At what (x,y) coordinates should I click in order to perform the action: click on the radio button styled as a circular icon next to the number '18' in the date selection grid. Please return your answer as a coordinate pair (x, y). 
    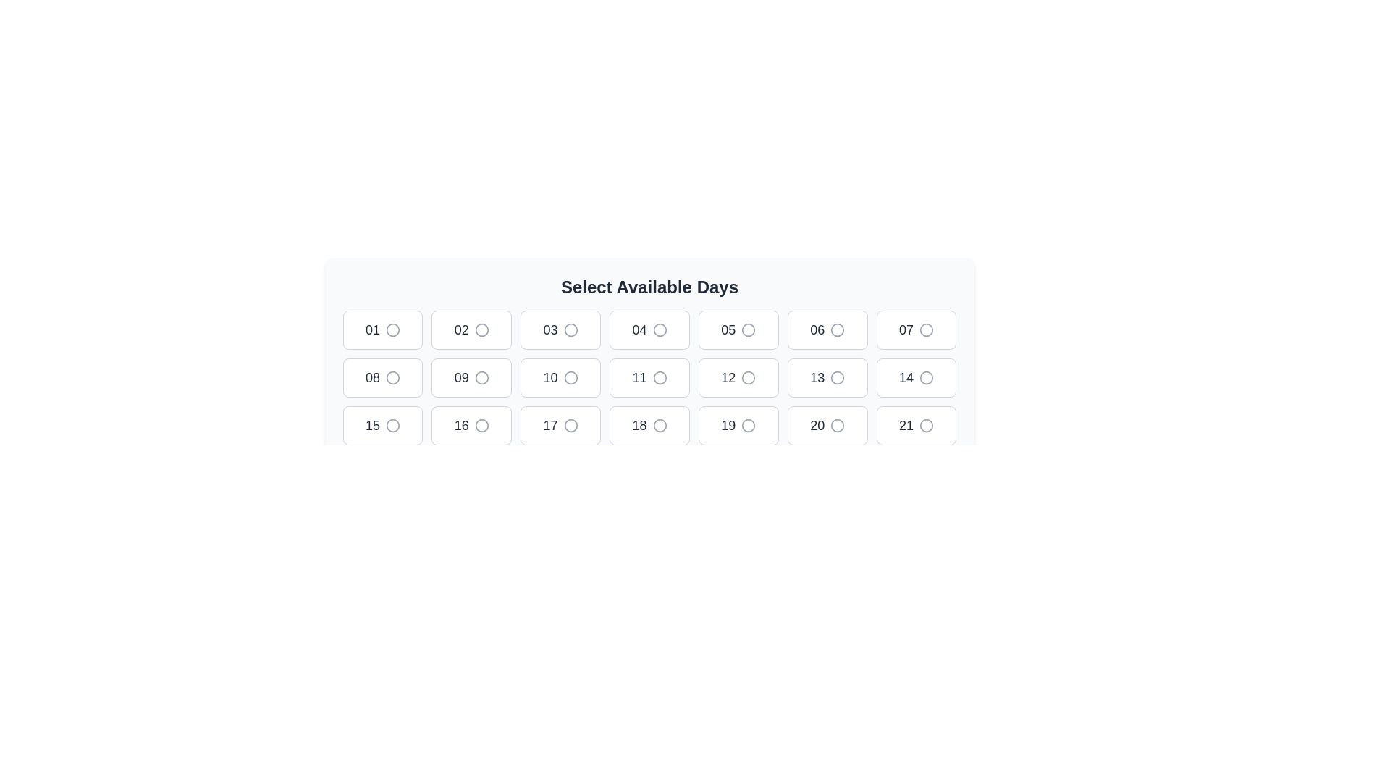
    Looking at the image, I should click on (659, 424).